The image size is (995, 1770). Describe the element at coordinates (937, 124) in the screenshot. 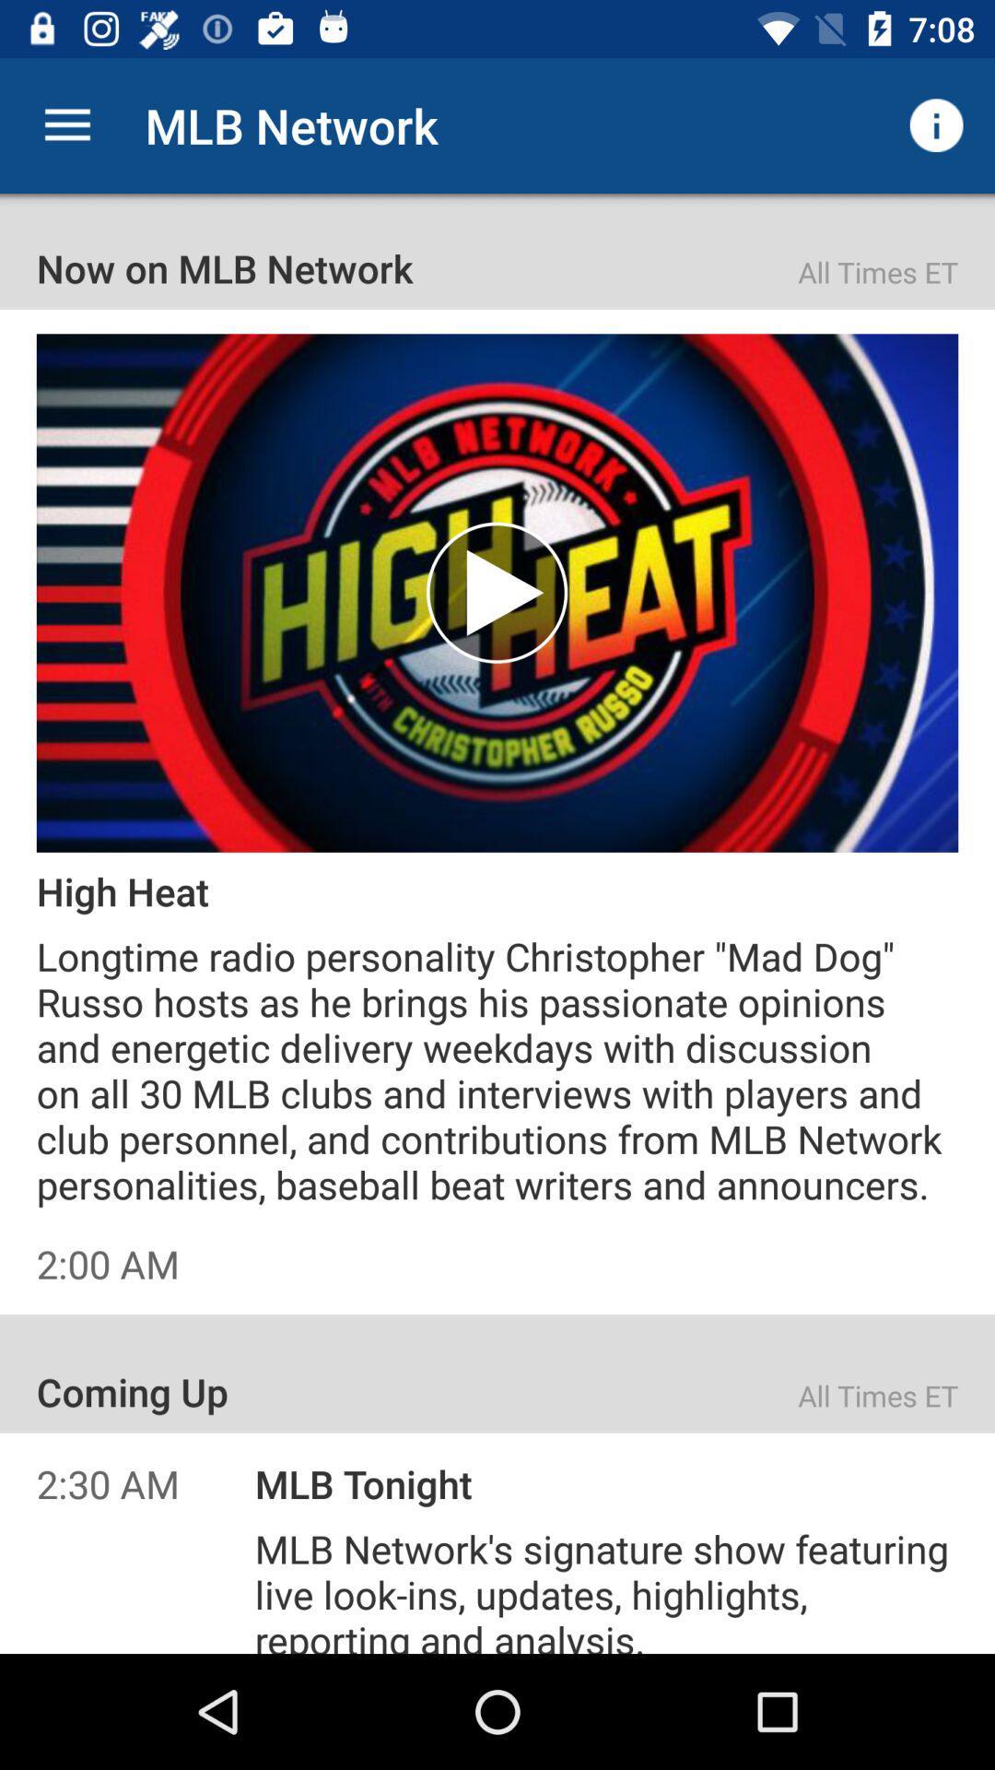

I see `the item to the right of mlb network icon` at that location.